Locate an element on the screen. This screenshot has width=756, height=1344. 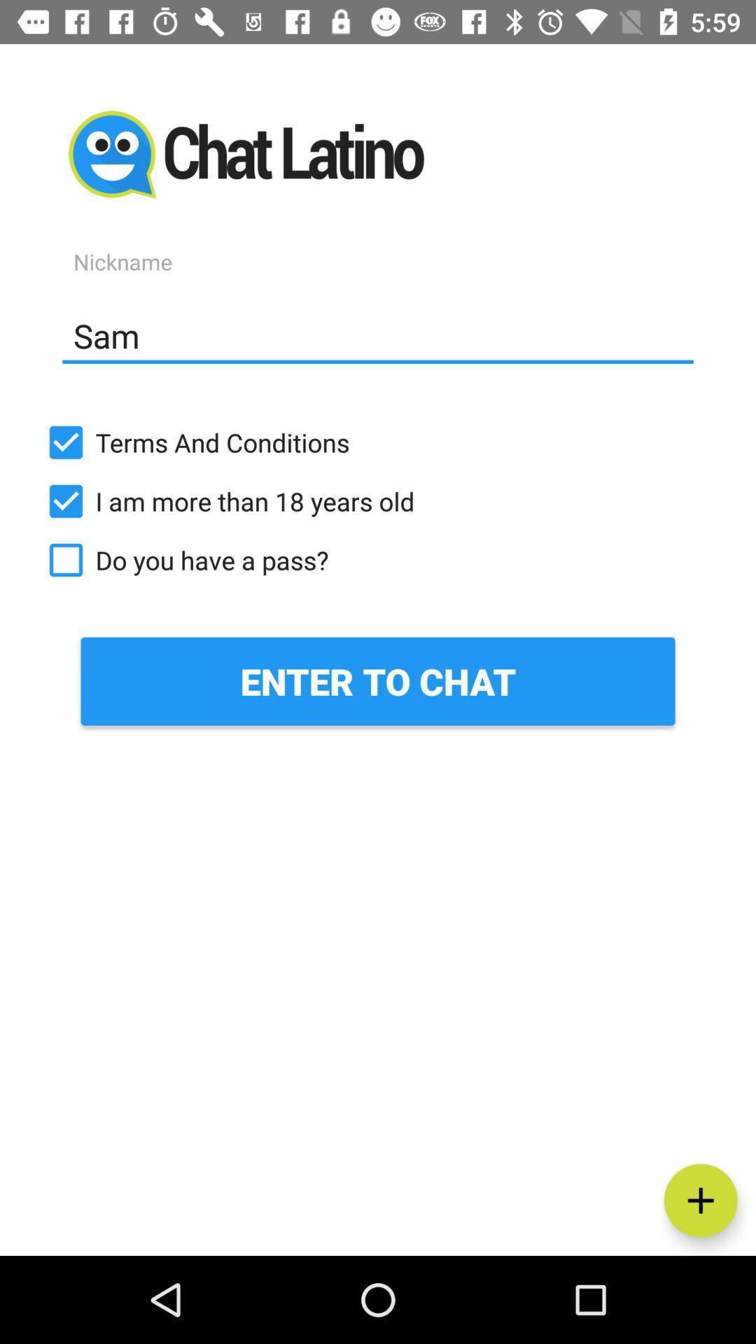
item below the do you have icon is located at coordinates (378, 681).